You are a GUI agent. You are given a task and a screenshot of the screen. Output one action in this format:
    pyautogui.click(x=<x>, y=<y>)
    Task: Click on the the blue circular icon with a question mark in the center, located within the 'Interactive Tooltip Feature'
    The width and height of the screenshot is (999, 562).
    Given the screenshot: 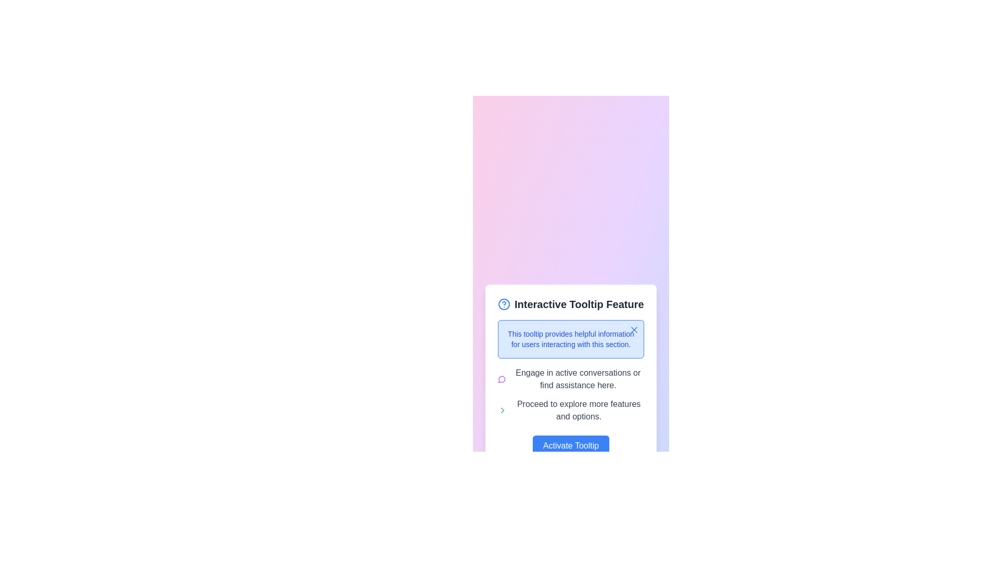 What is the action you would take?
    pyautogui.click(x=504, y=304)
    